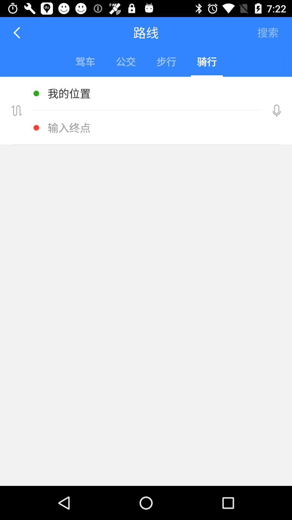 The height and width of the screenshot is (520, 292). I want to click on the text right to left arrow, so click(146, 32).